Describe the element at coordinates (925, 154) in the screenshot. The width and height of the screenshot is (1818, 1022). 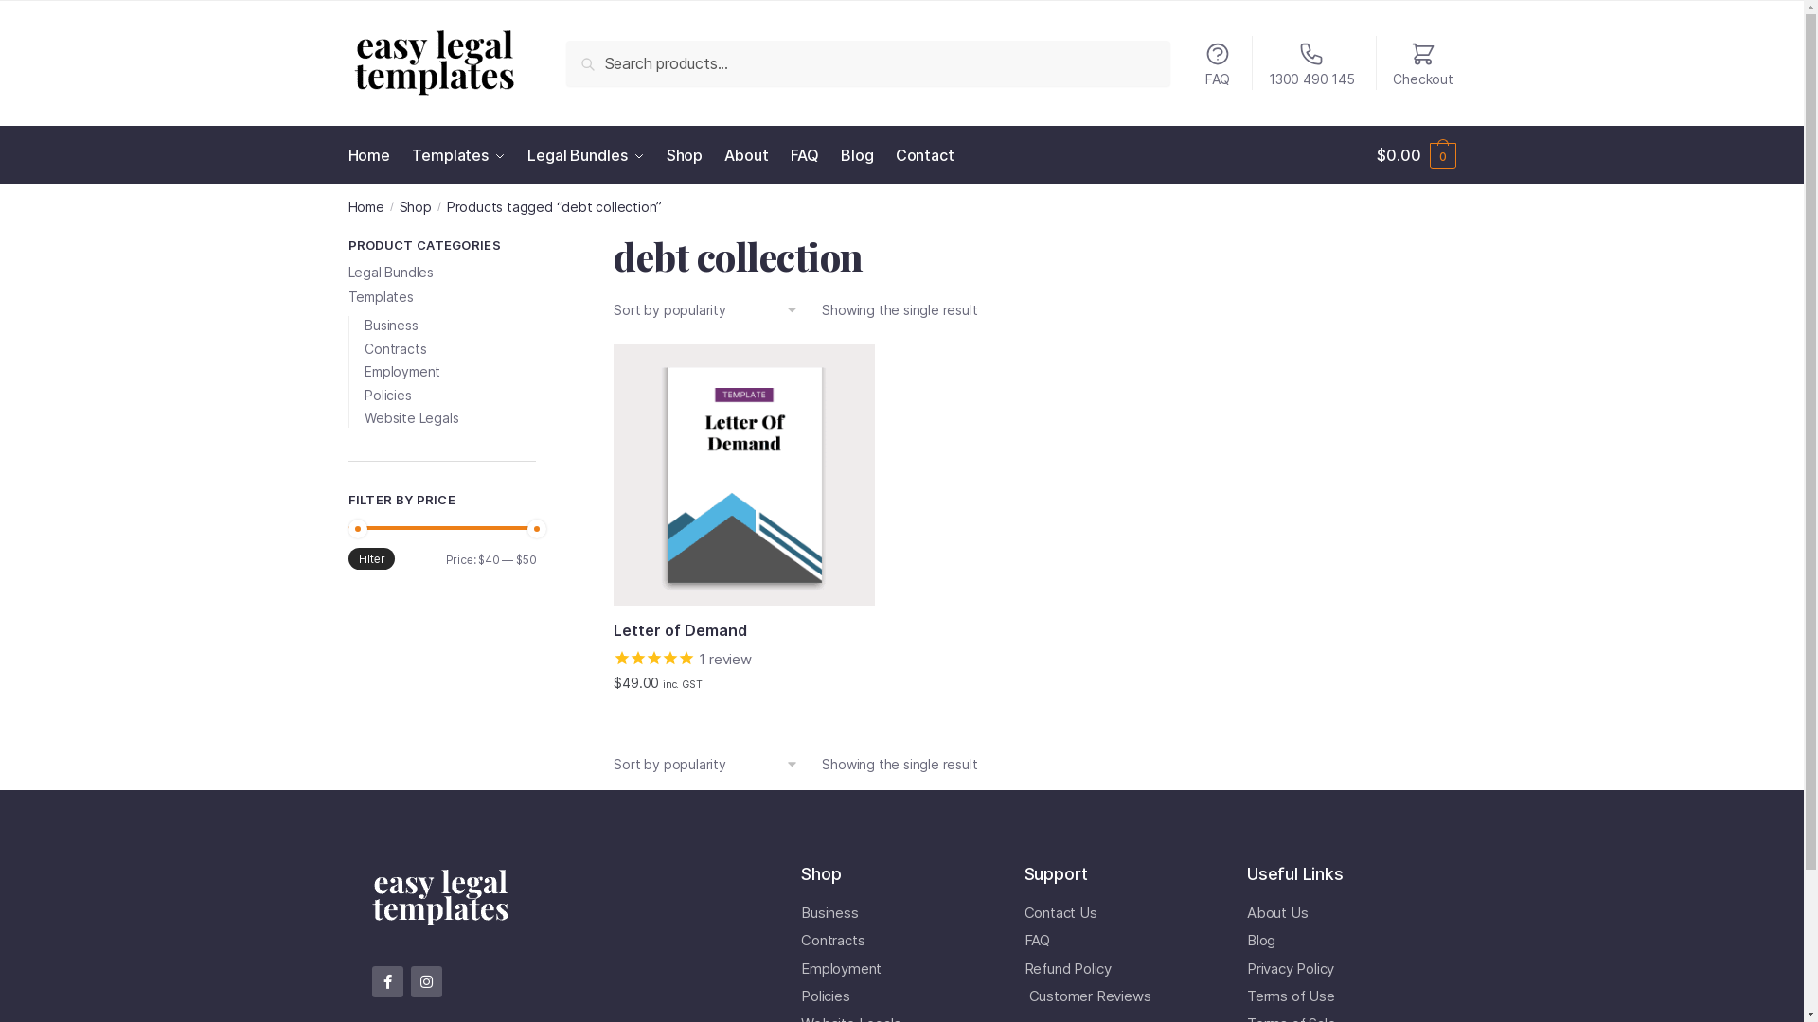
I see `'Contact'` at that location.